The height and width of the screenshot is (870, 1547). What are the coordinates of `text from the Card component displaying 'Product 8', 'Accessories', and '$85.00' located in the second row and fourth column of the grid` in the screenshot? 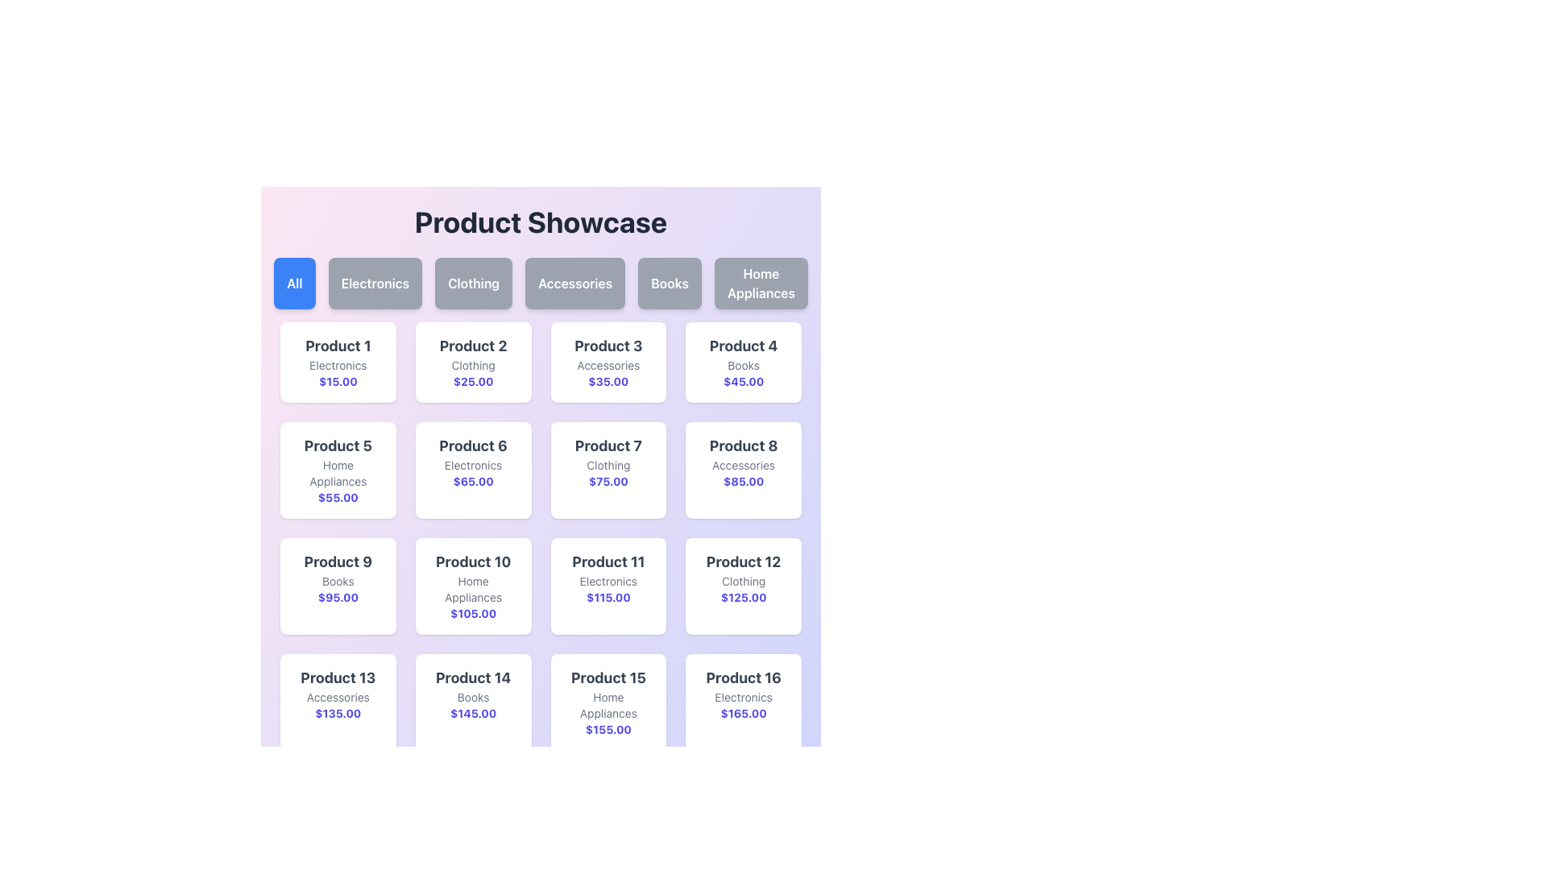 It's located at (743, 470).